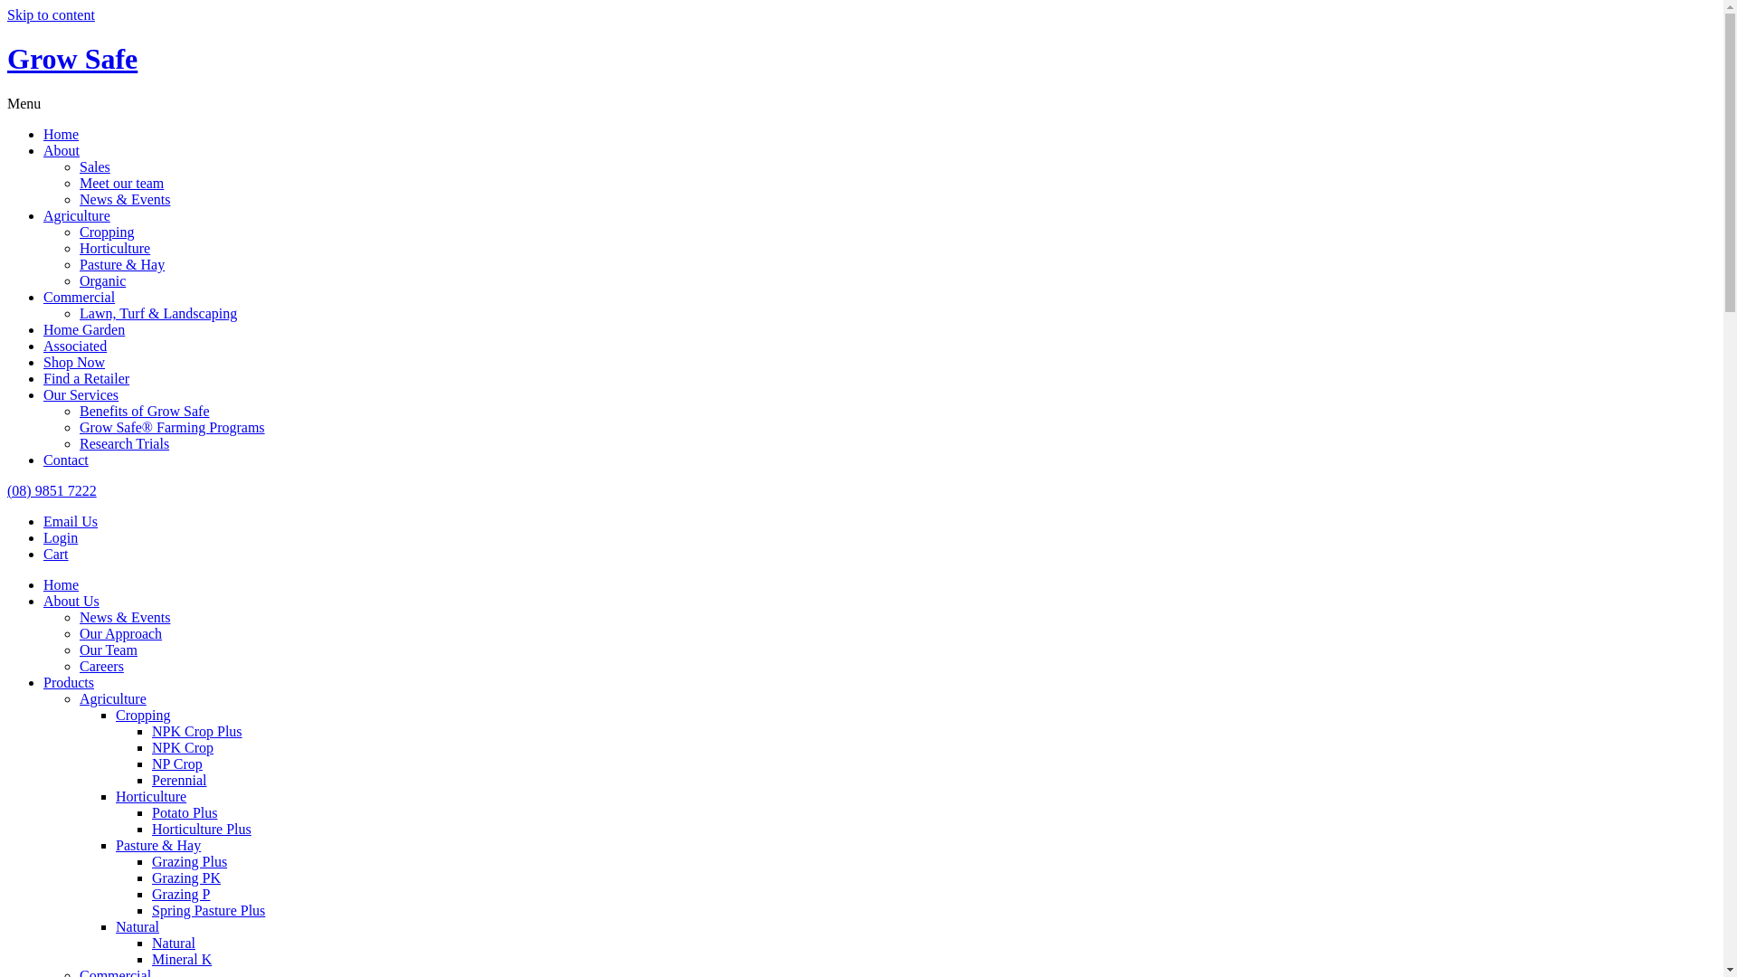  I want to click on 'Grazing P', so click(181, 893).